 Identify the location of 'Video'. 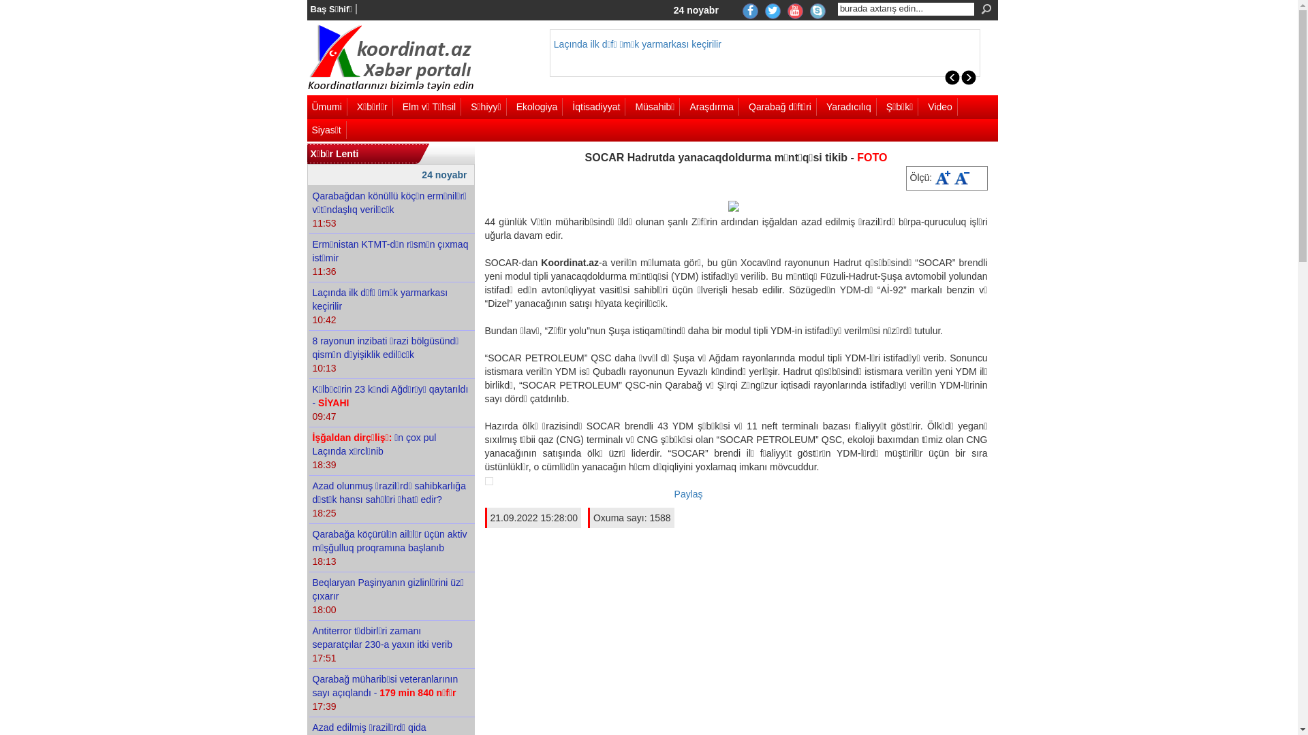
(941, 106).